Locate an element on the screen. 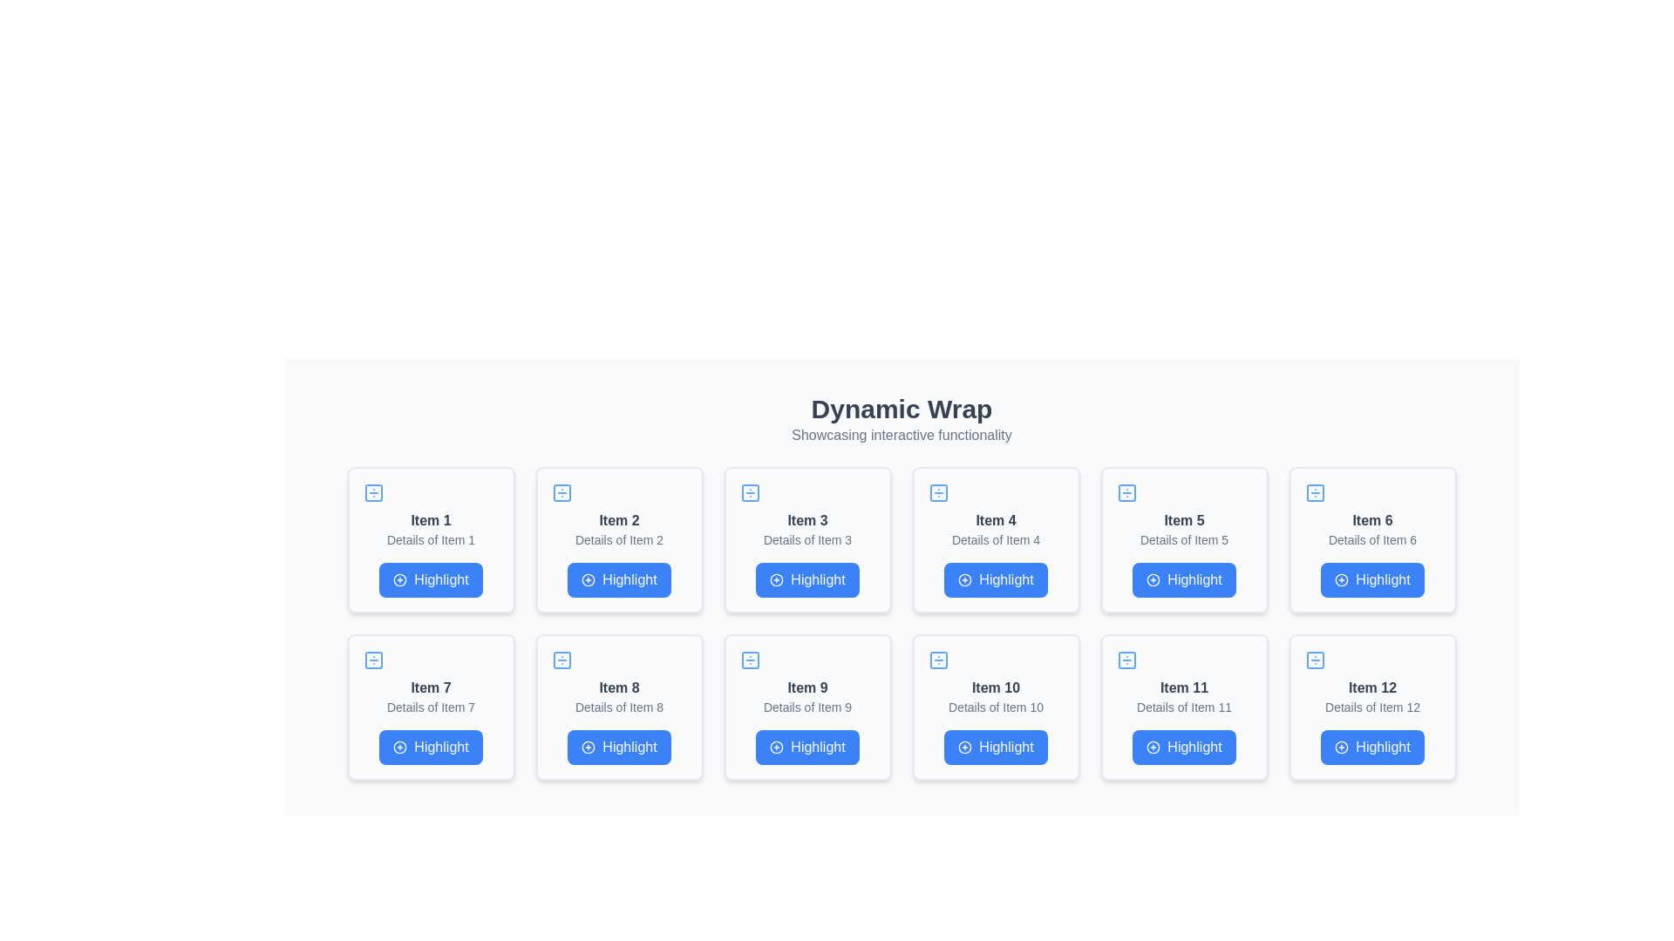 This screenshot has height=941, width=1674. the top-left icon inside the card labeled 'Item 12' located in the bottom-right corner of the grid layout is located at coordinates (1315, 660).